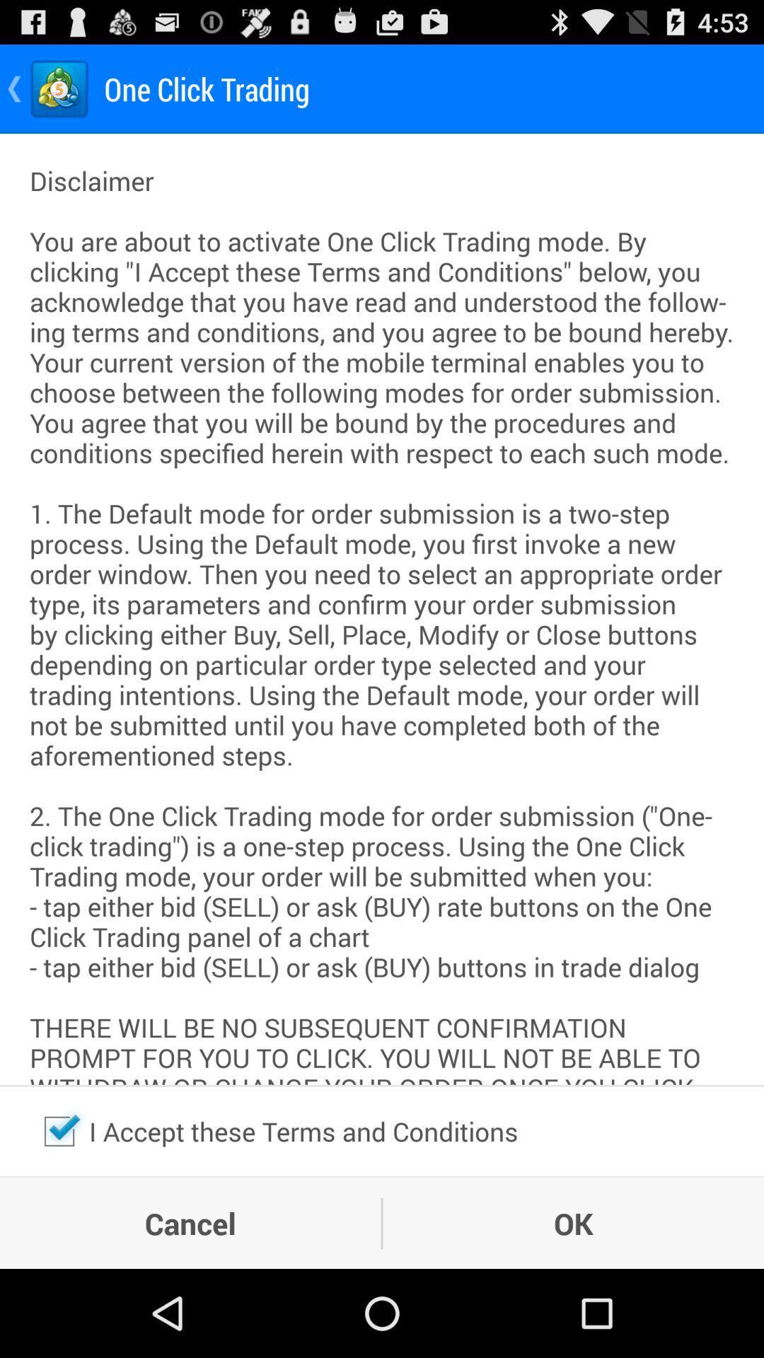  What do you see at coordinates (573, 1222) in the screenshot?
I see `item below i accept these icon` at bounding box center [573, 1222].